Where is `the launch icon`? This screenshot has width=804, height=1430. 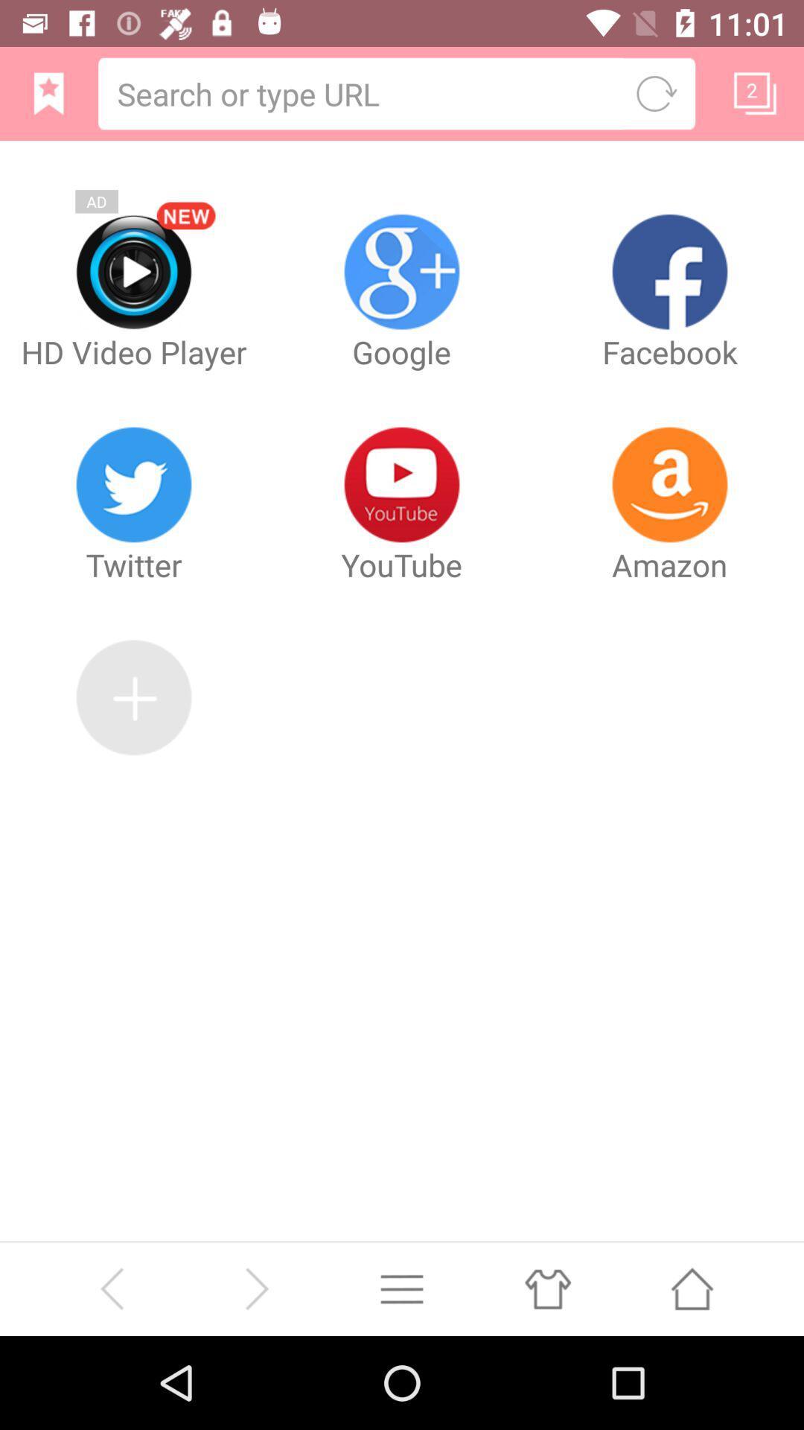
the launch icon is located at coordinates (692, 1379).